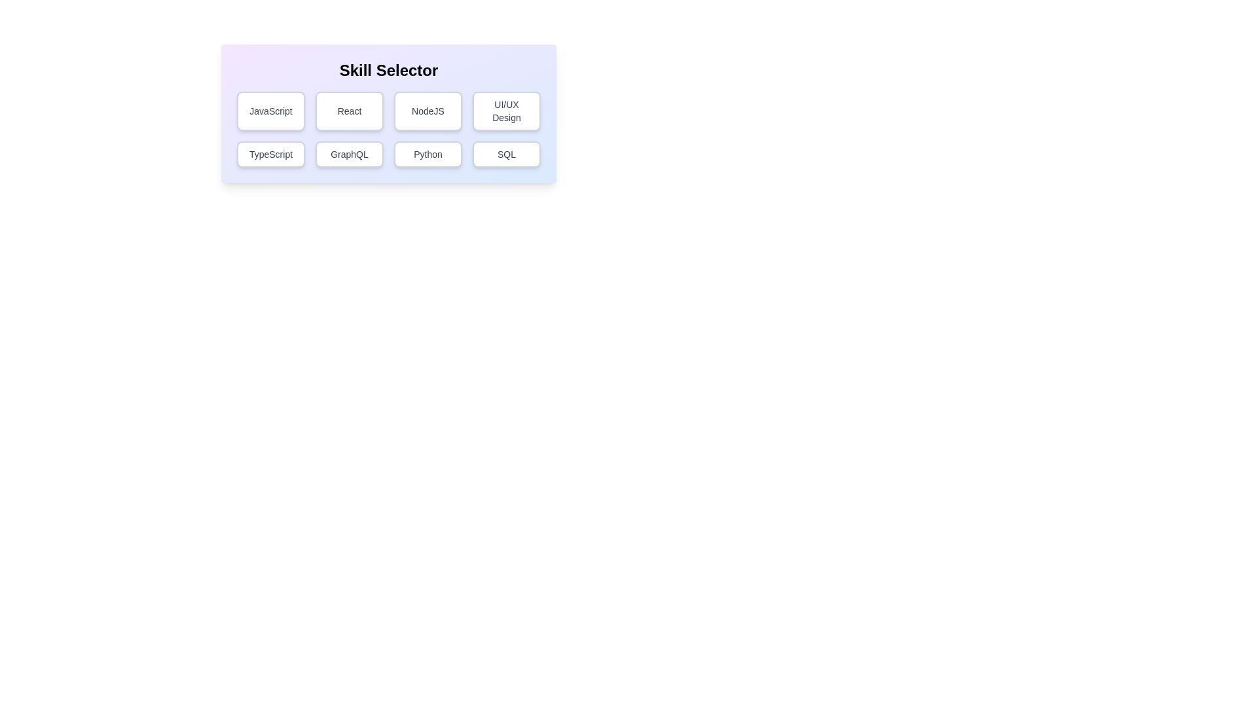  I want to click on the button corresponding to the skill Python to toggle its selection, so click(428, 153).